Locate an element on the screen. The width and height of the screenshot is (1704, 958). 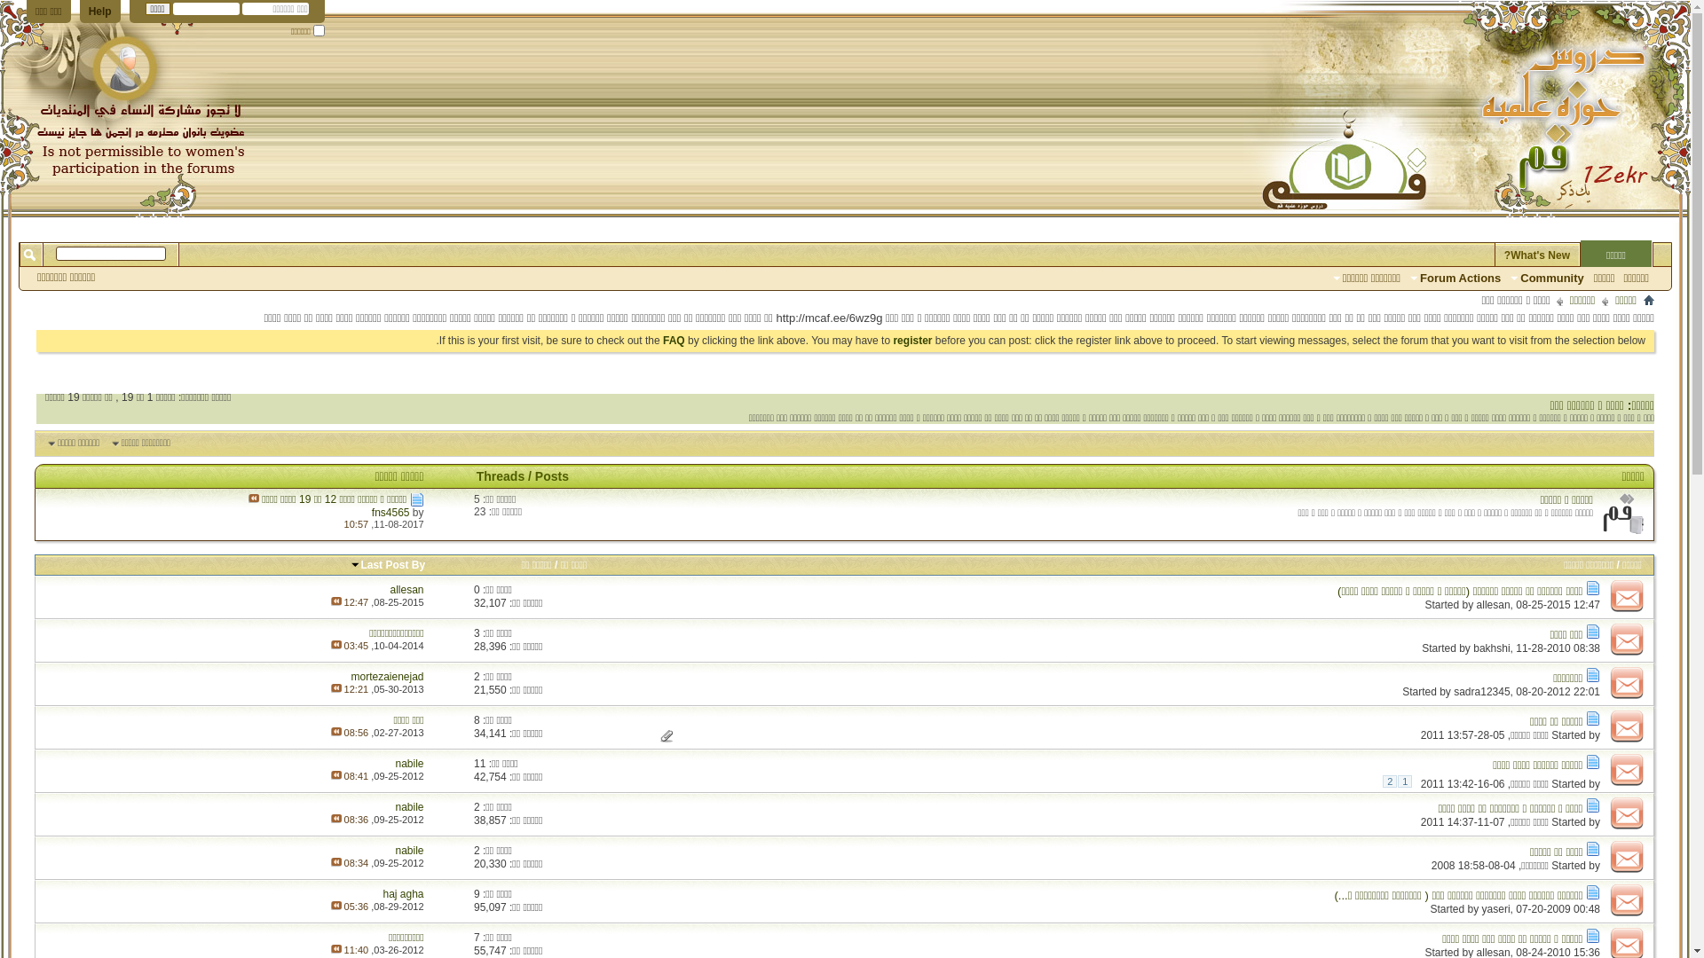
'allesan' is located at coordinates (1477, 604).